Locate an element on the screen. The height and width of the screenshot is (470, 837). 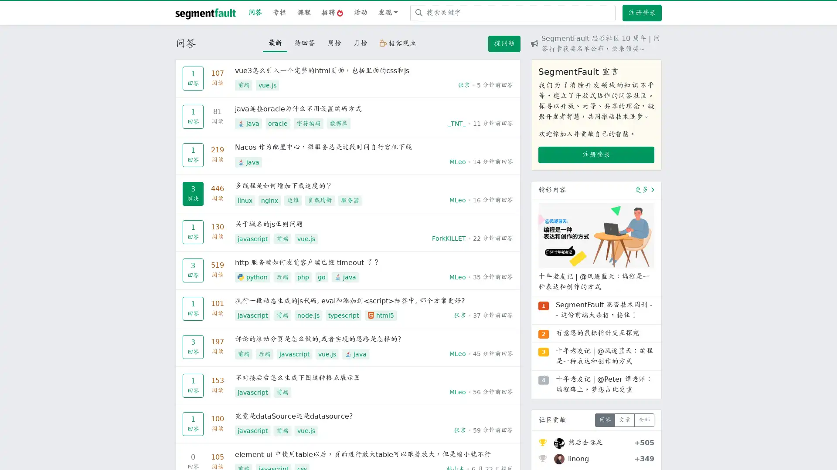
Slide 3 is located at coordinates (611, 359).